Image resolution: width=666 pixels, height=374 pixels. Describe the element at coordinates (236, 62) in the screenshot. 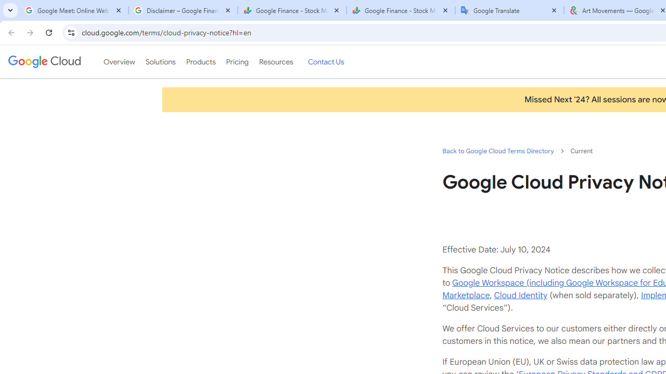

I see `'Pricing'` at that location.